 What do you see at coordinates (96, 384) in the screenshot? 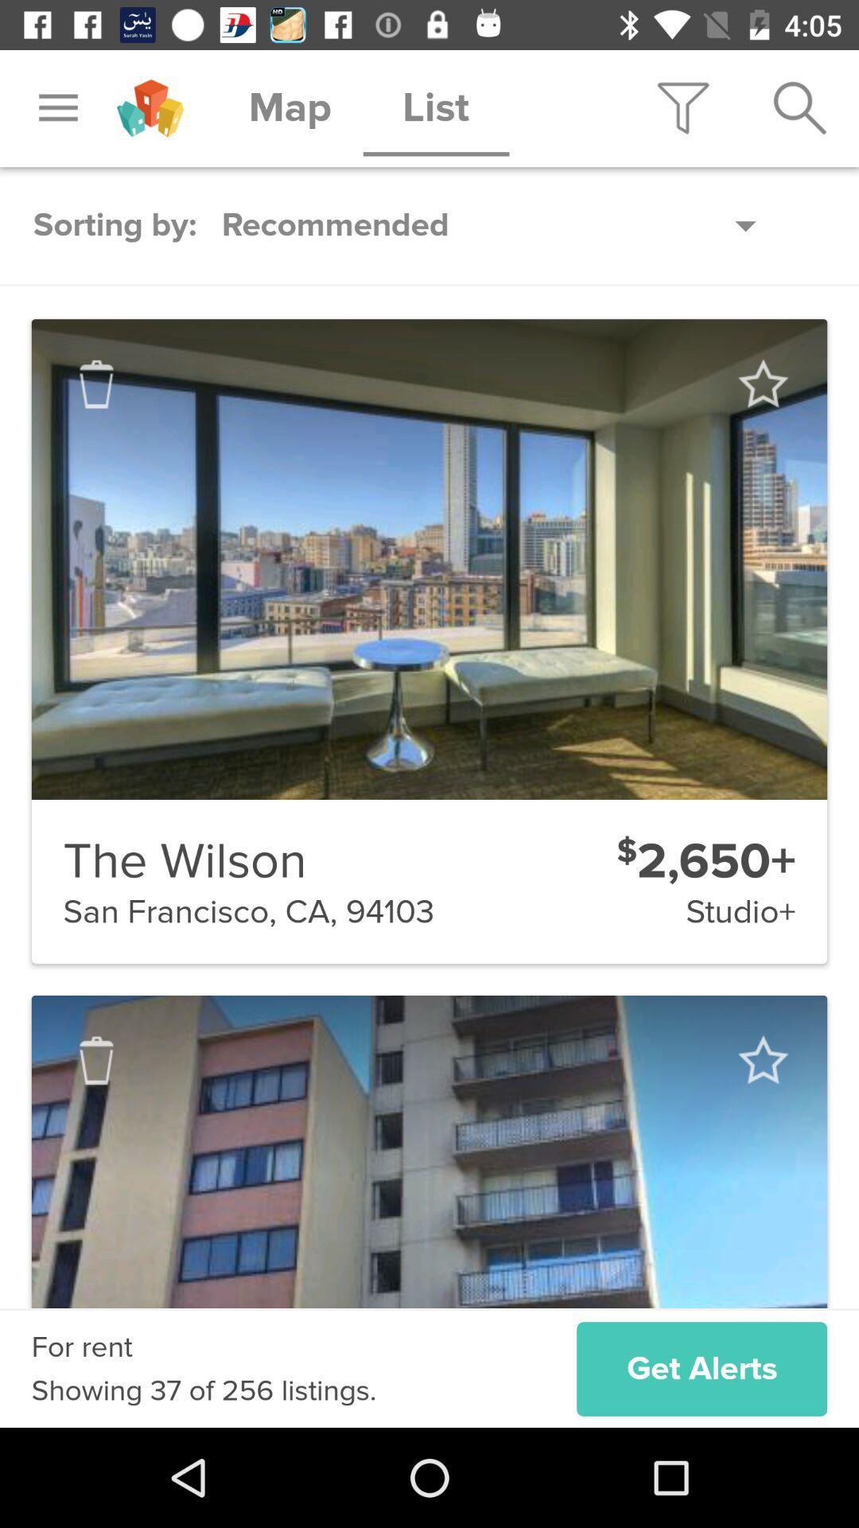
I see `move to trash` at bounding box center [96, 384].